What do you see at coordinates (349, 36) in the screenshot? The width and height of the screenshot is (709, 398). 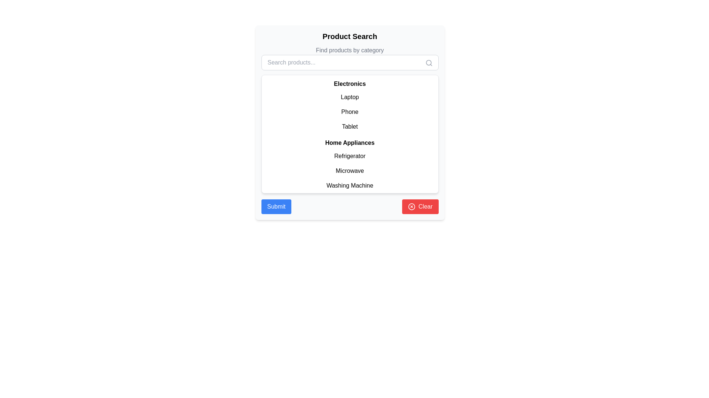 I see `the 'Product Search' header text, which is prominently displayed in a bold and larger font at the top-center of the interface` at bounding box center [349, 36].